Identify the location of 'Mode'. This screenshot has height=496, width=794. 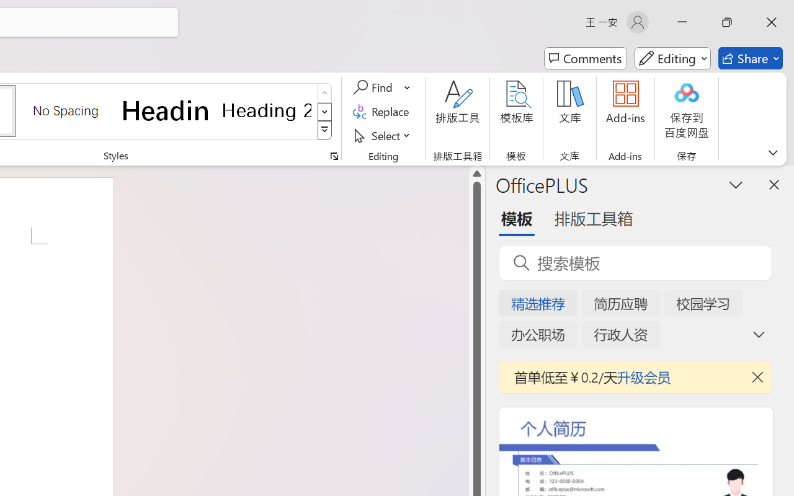
(672, 58).